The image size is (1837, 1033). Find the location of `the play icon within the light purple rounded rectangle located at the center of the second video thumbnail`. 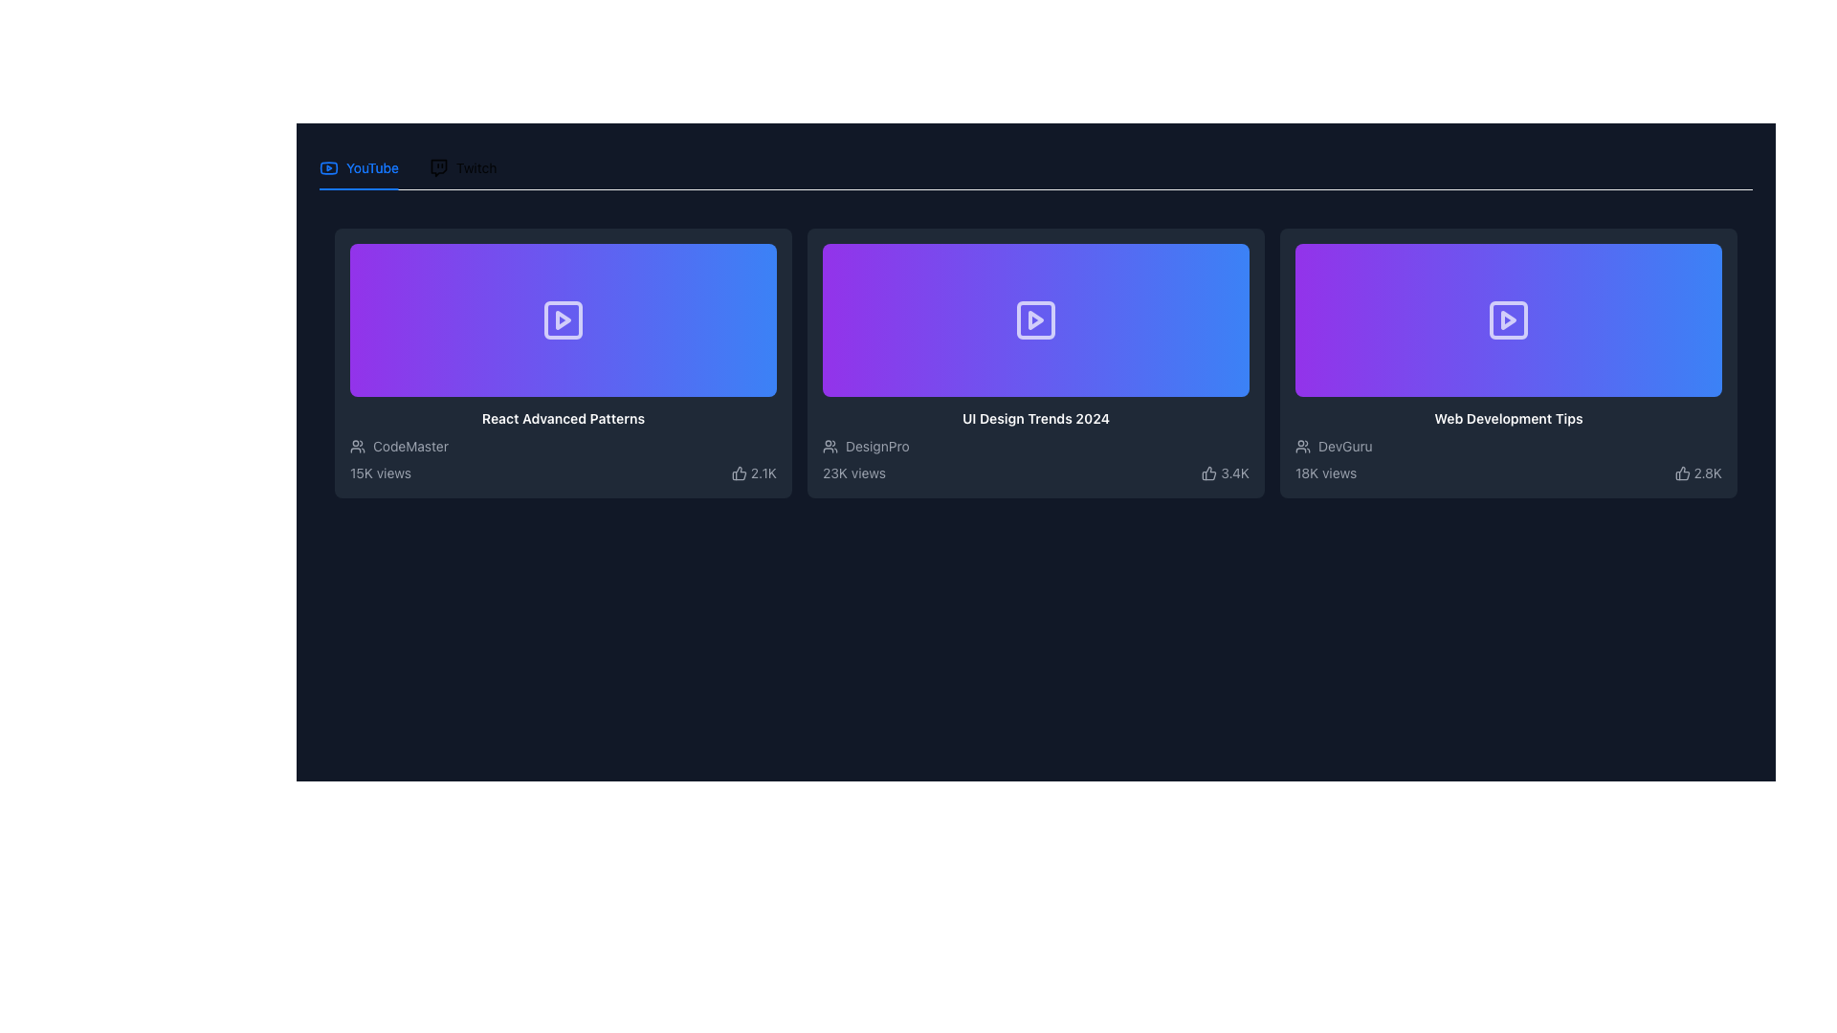

the play icon within the light purple rounded rectangle located at the center of the second video thumbnail is located at coordinates (1035, 319).